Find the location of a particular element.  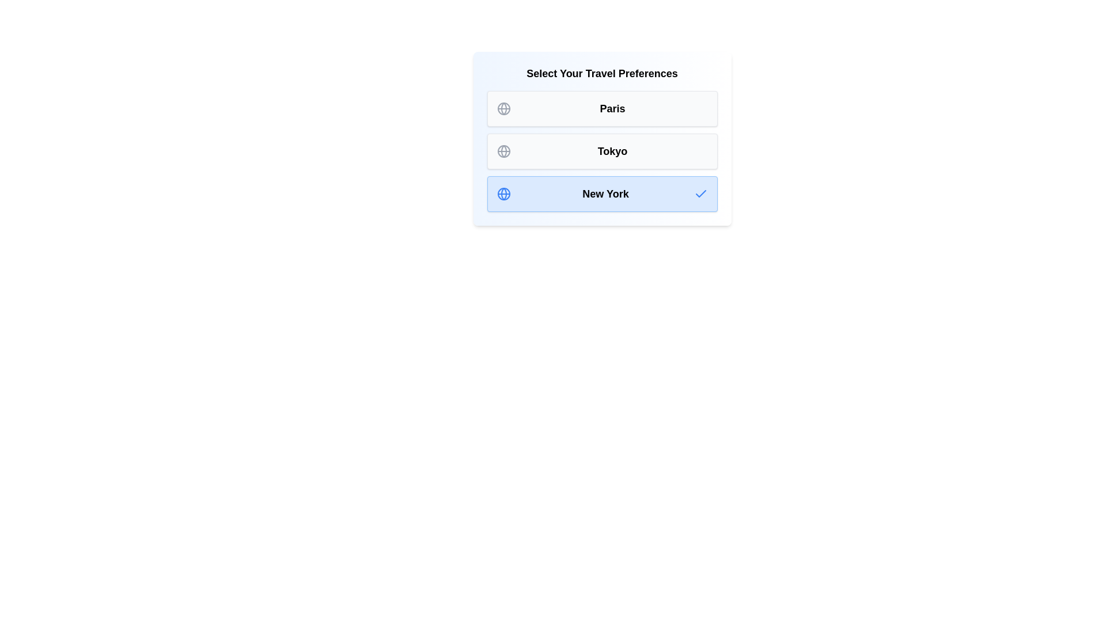

the destination New York is located at coordinates (601, 193).